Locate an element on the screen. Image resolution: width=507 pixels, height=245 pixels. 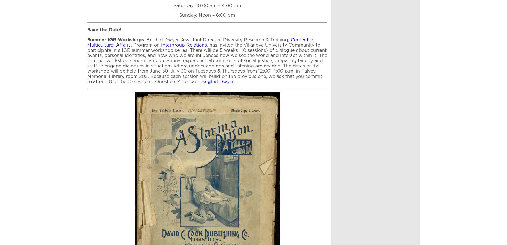
'Saturday: 10:00 am – 4:00 pm' is located at coordinates (207, 5).